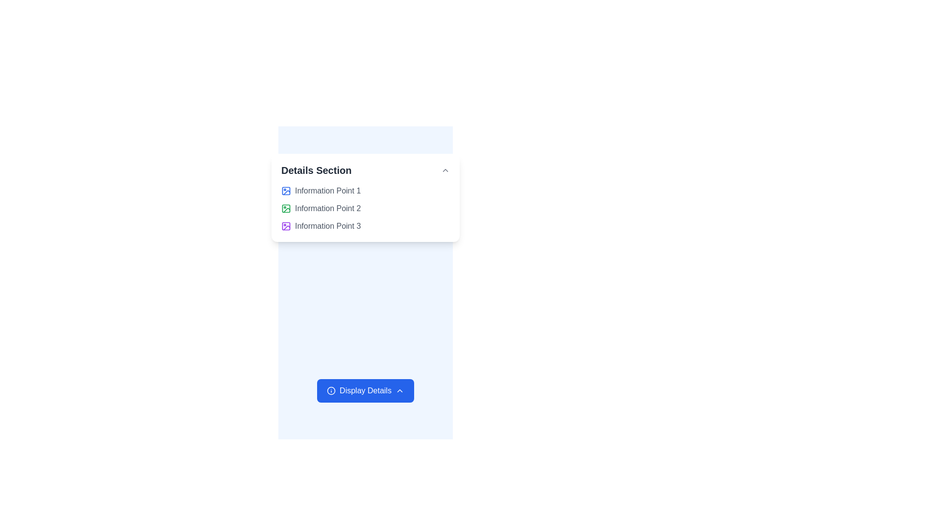  I want to click on the icon representing 'Information Point 1' located at the top of the vertical list in the 'Details Section' panel, to the left of the label, so click(286, 191).